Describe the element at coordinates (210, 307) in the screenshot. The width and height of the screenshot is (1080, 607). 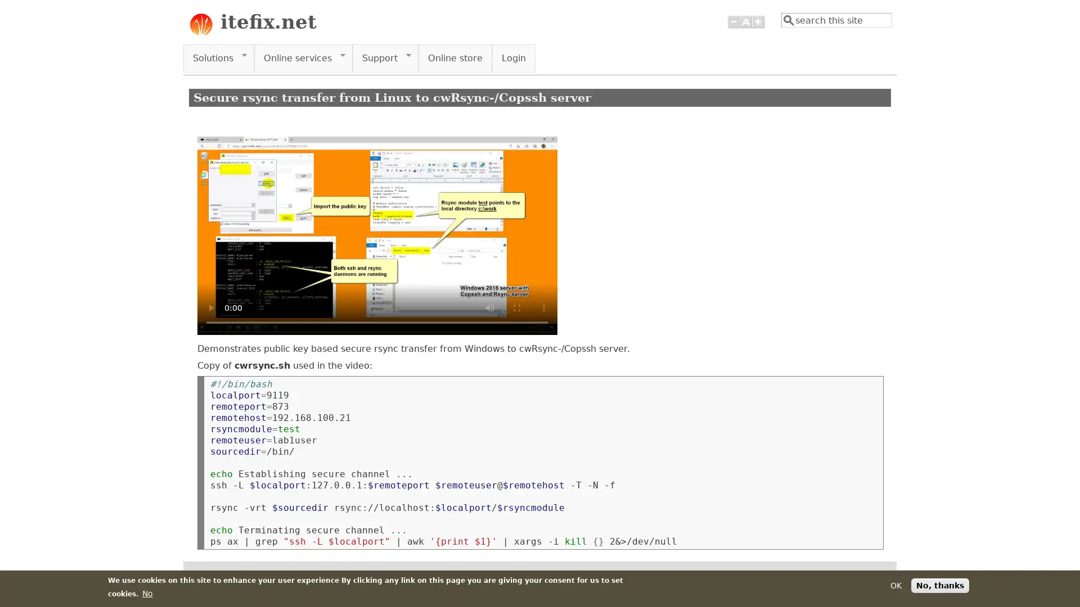
I see `play` at that location.